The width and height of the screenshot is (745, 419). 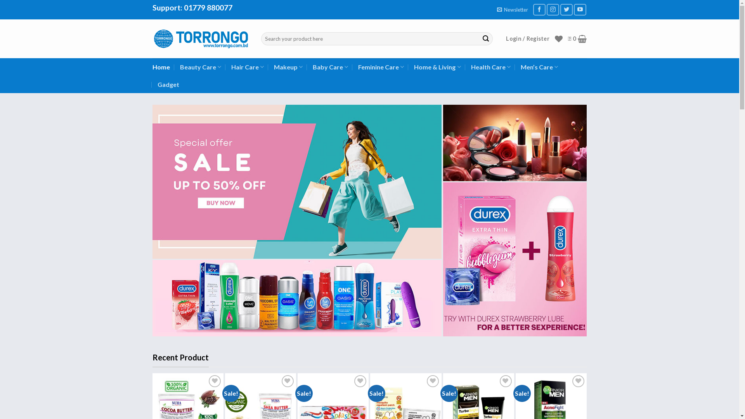 I want to click on 'Follow on Instagram', so click(x=553, y=9).